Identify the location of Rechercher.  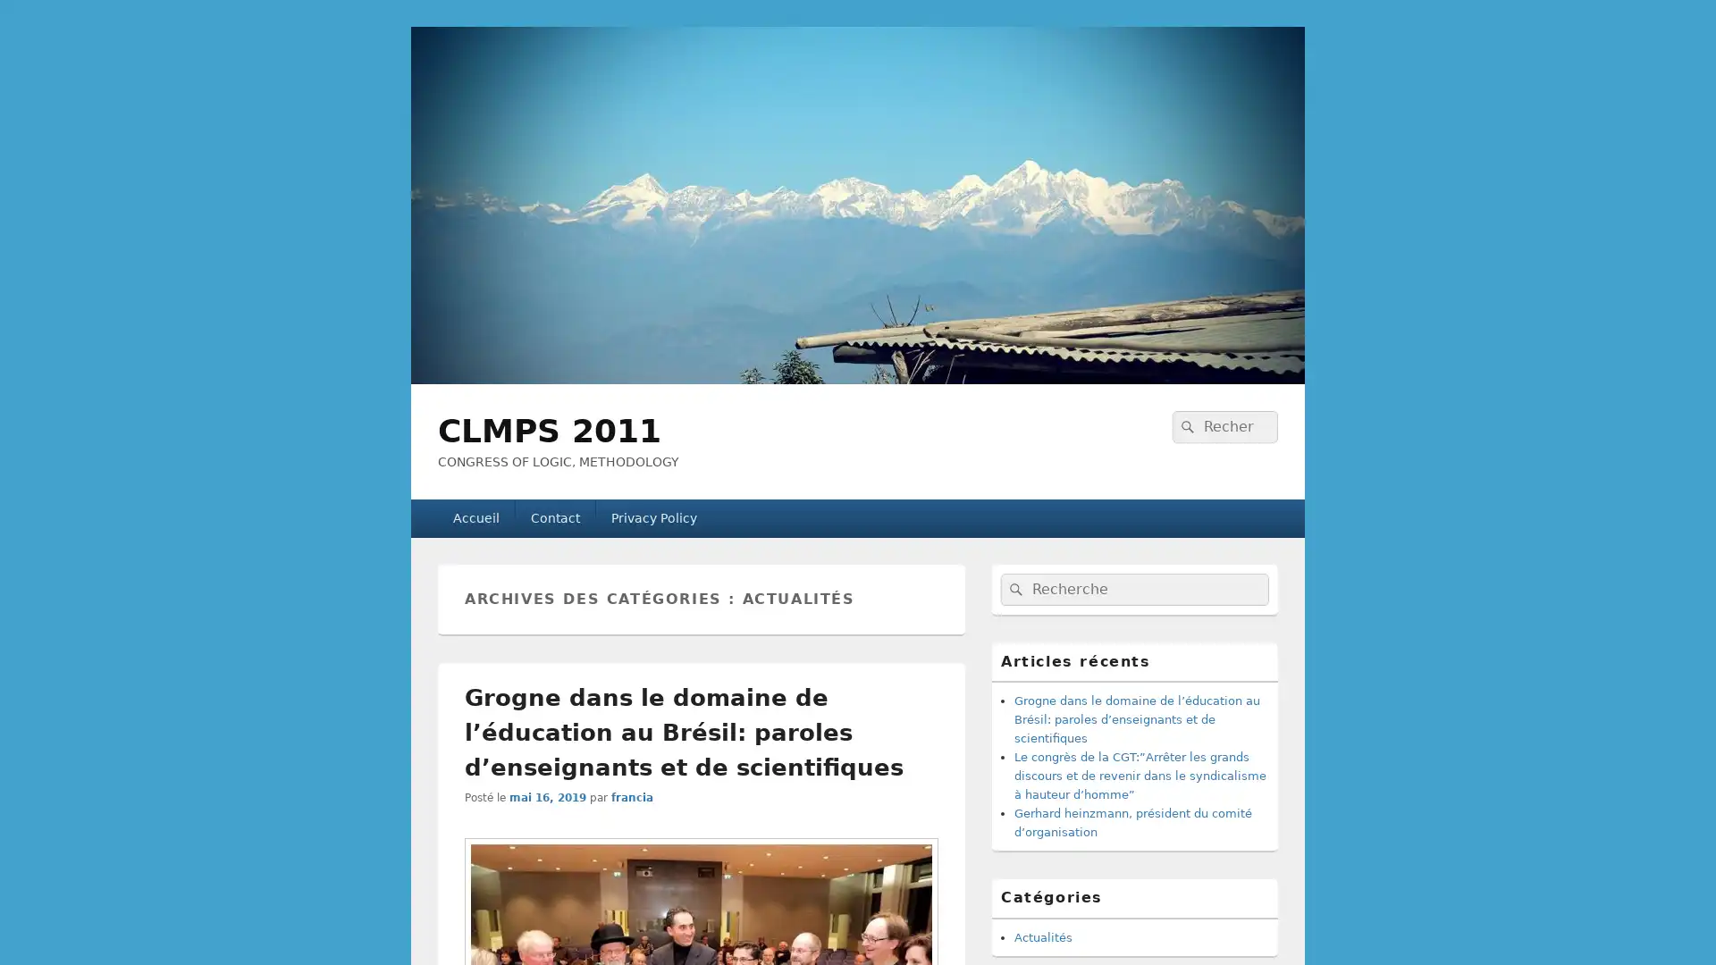
(1185, 426).